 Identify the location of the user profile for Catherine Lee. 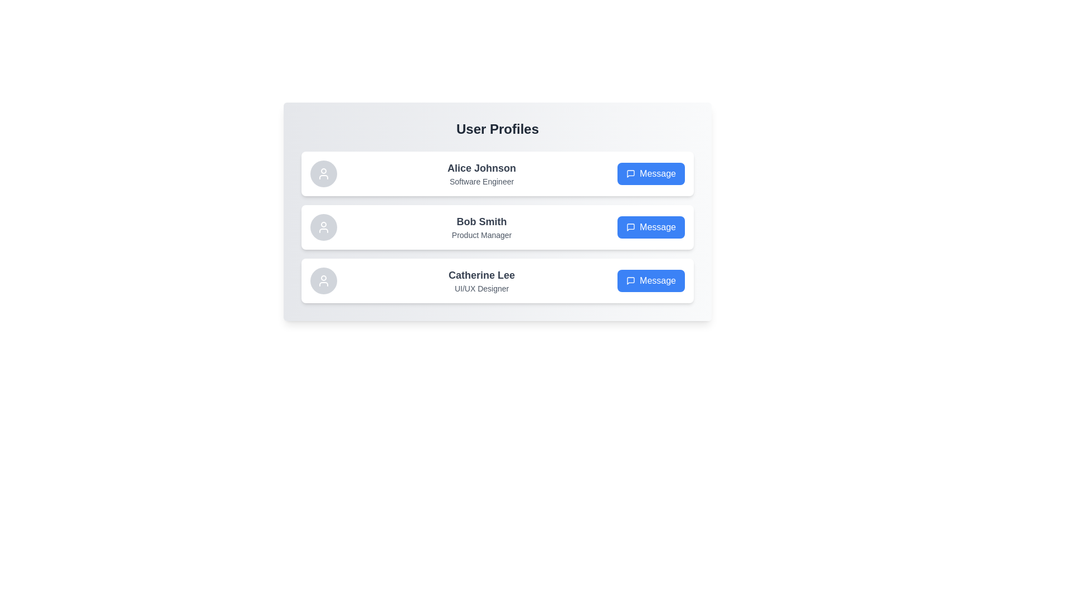
(497, 280).